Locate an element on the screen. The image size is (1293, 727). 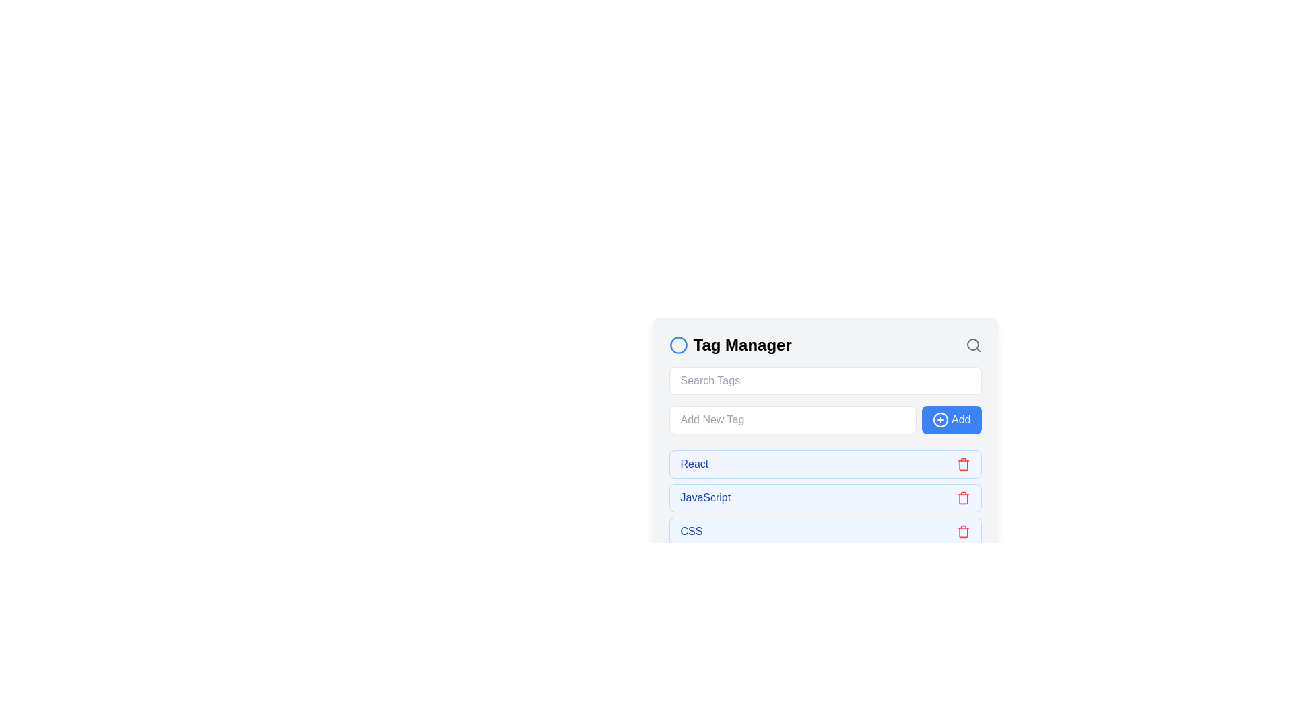
the red trashcan icon button located on the far right of the 'CSS' tag row is located at coordinates (962, 531).